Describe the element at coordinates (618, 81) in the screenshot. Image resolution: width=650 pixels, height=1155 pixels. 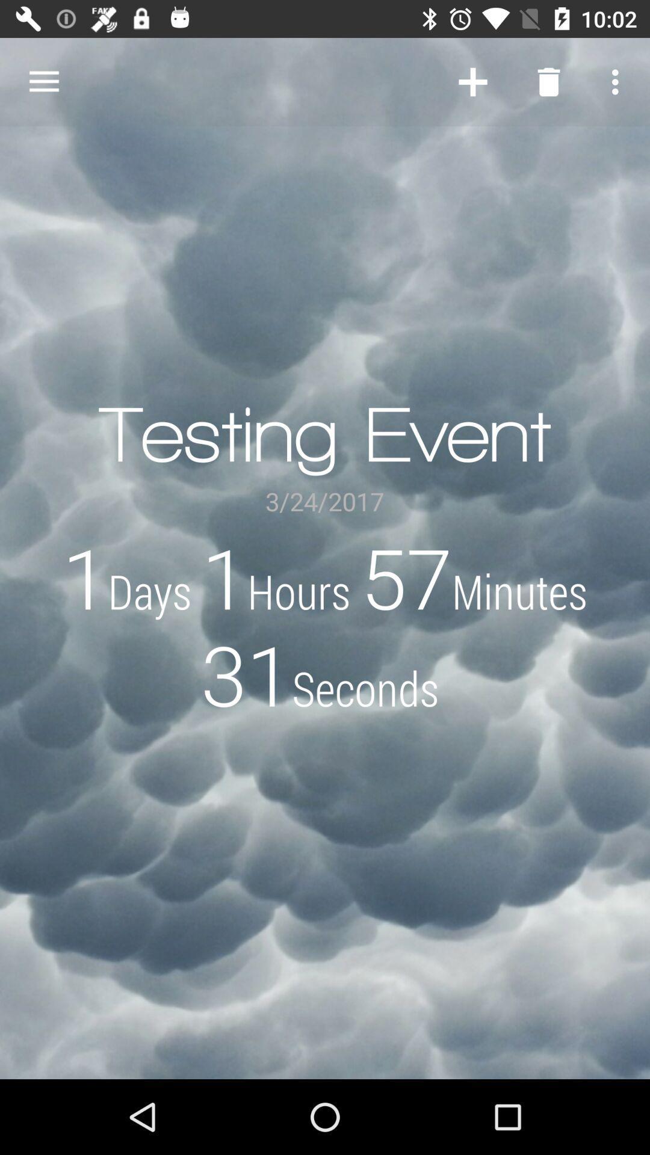
I see `the icon above 1days 1hours 57minutes` at that location.